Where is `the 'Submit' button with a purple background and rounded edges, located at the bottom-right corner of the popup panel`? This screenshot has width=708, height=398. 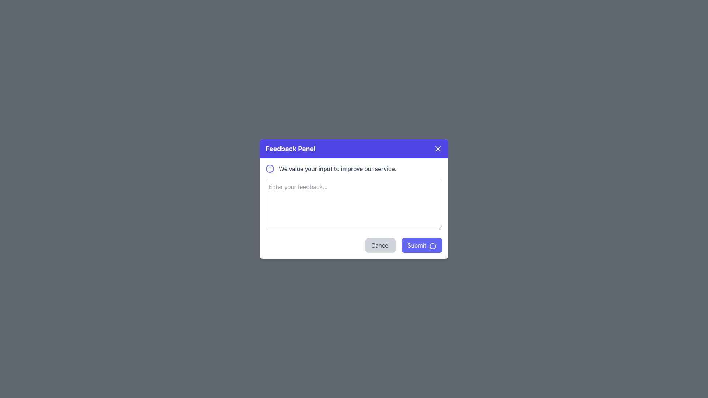 the 'Submit' button with a purple background and rounded edges, located at the bottom-right corner of the popup panel is located at coordinates (422, 245).